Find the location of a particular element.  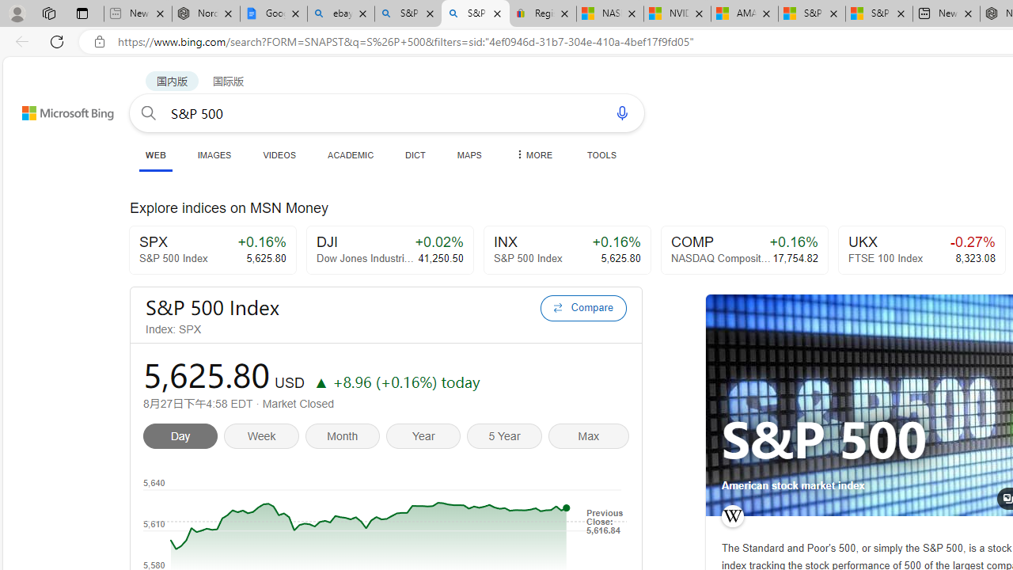

'Price increase' is located at coordinates (320, 382).